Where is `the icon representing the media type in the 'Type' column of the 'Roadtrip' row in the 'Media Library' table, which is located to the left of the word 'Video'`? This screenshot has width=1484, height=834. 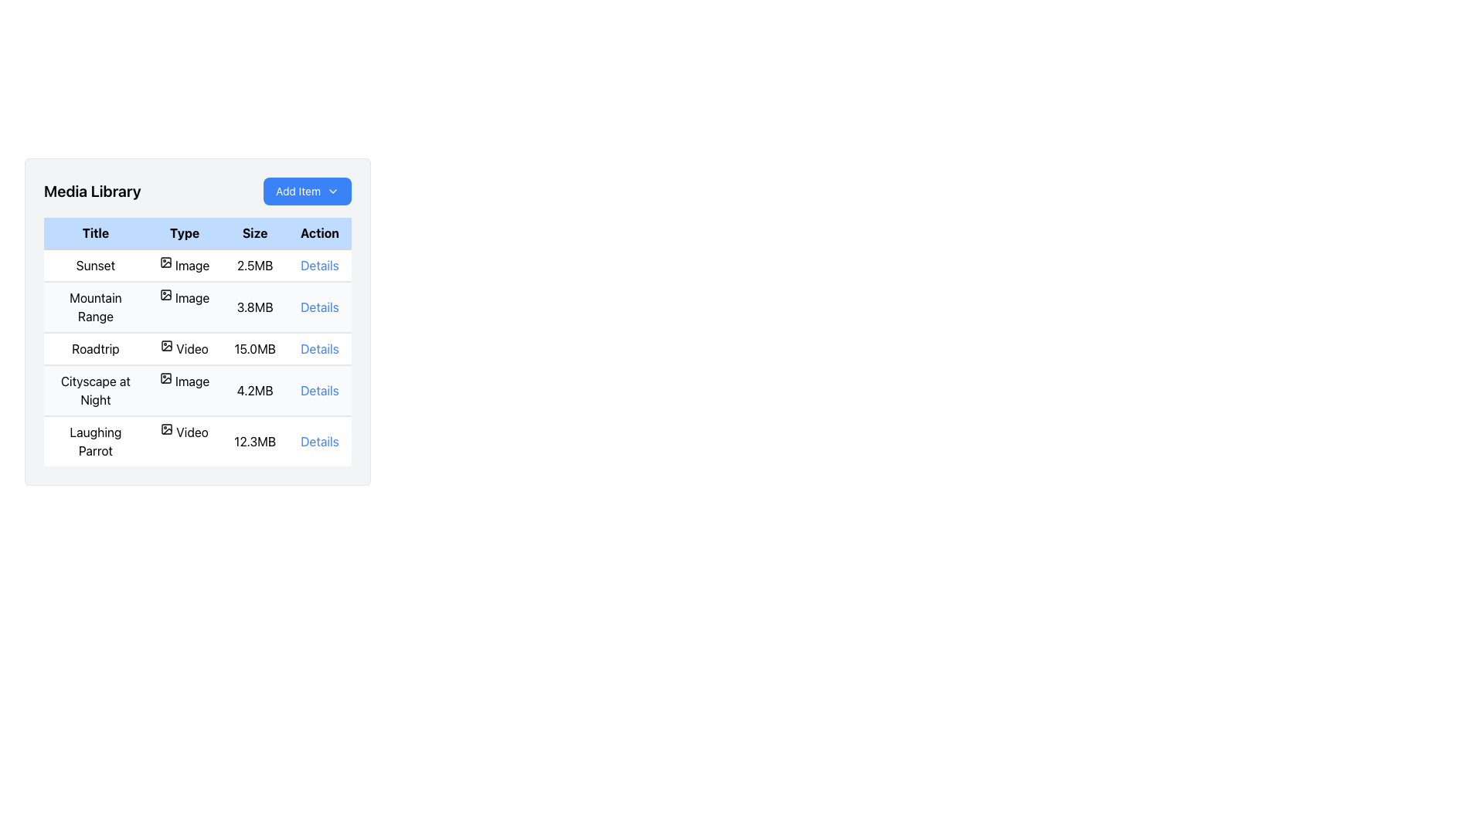 the icon representing the media type in the 'Type' column of the 'Roadtrip' row in the 'Media Library' table, which is located to the left of the word 'Video' is located at coordinates (167, 344).